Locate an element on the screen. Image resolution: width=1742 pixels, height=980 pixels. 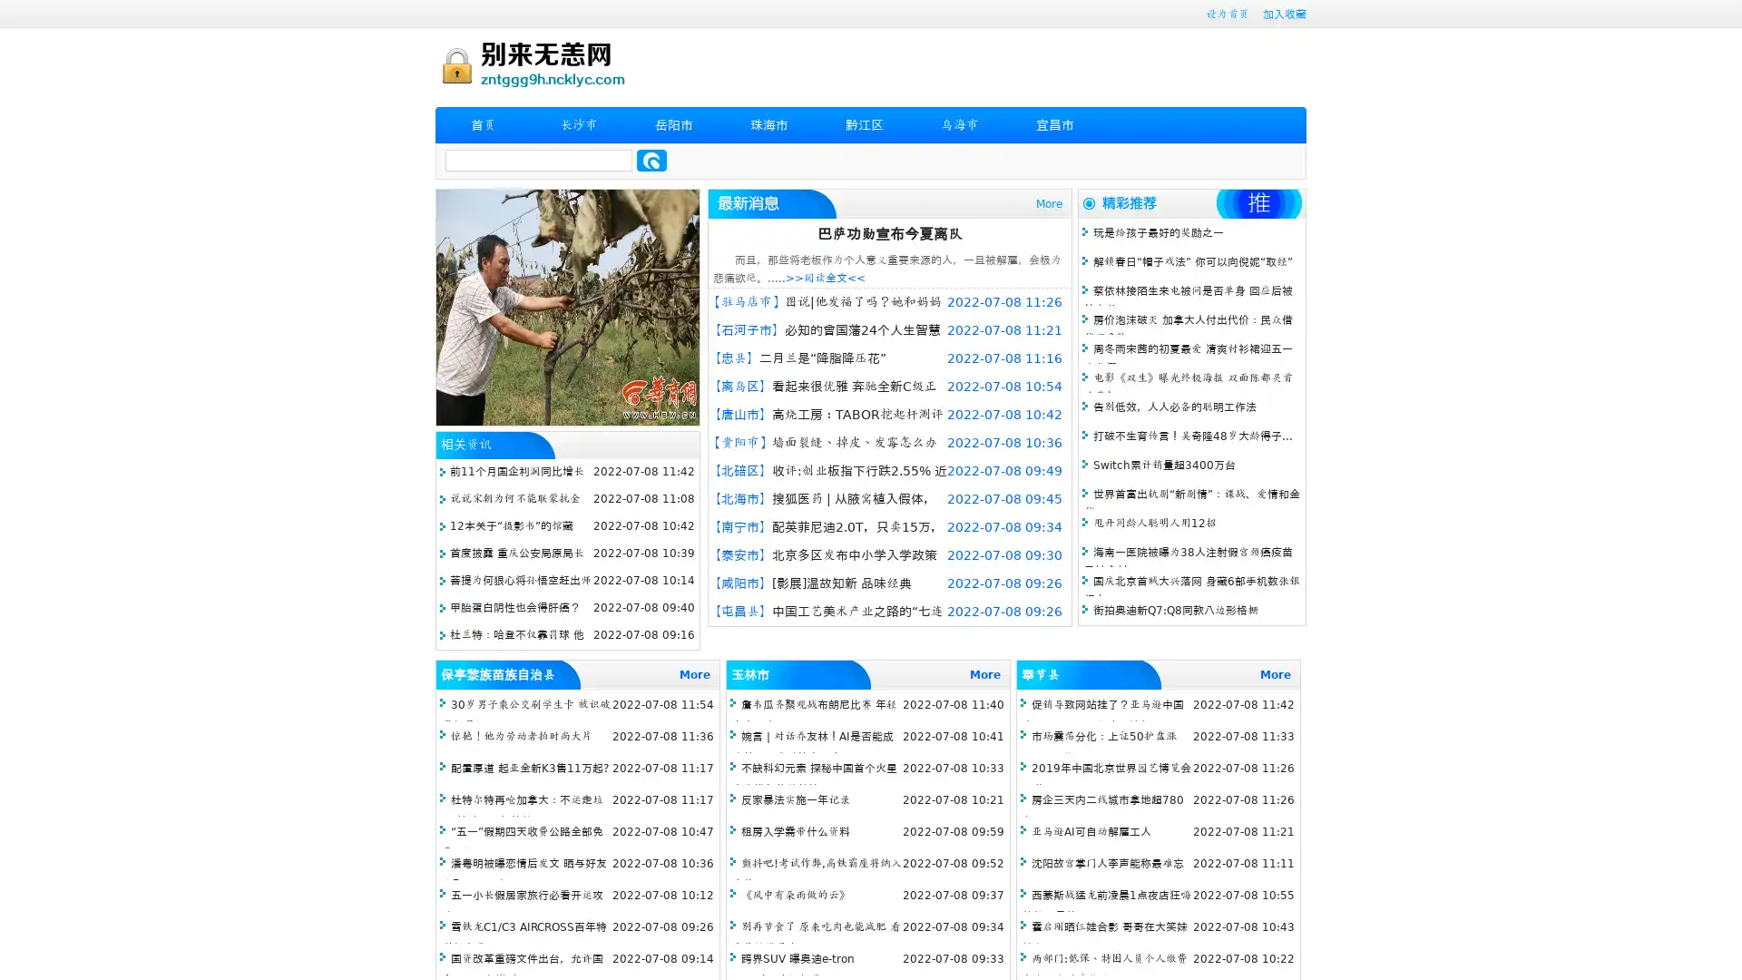
Search is located at coordinates (651, 160).